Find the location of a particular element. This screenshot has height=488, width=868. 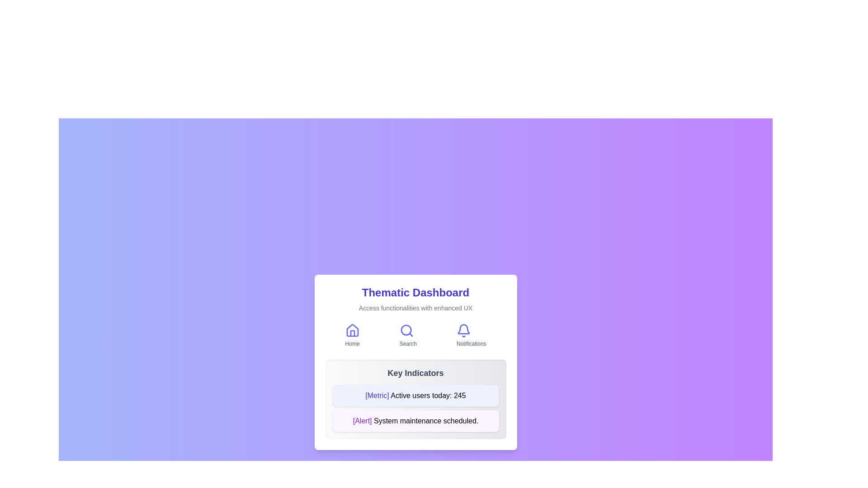

the 'Home' text label located beneath the house icon, which serves to identify the icon's function is located at coordinates (352, 343).